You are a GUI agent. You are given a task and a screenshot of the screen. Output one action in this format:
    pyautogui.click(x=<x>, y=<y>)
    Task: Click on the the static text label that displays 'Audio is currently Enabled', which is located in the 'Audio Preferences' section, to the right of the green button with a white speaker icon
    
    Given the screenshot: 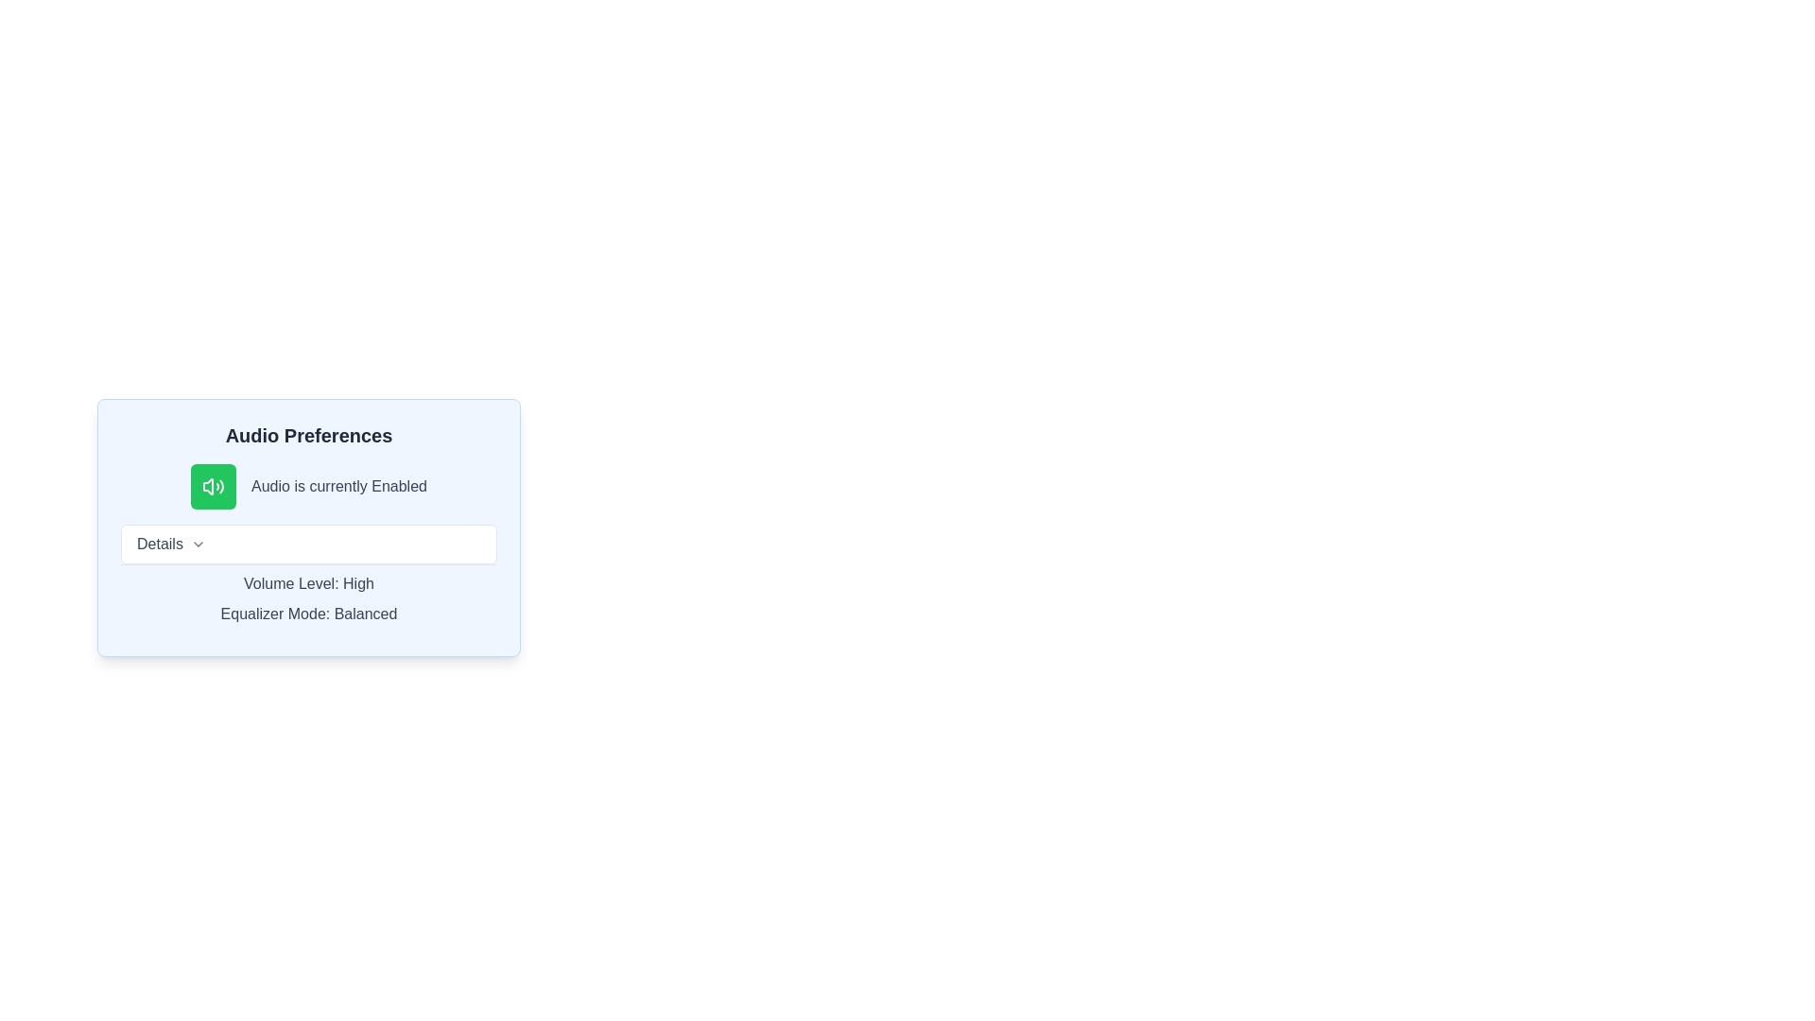 What is the action you would take?
    pyautogui.click(x=339, y=486)
    